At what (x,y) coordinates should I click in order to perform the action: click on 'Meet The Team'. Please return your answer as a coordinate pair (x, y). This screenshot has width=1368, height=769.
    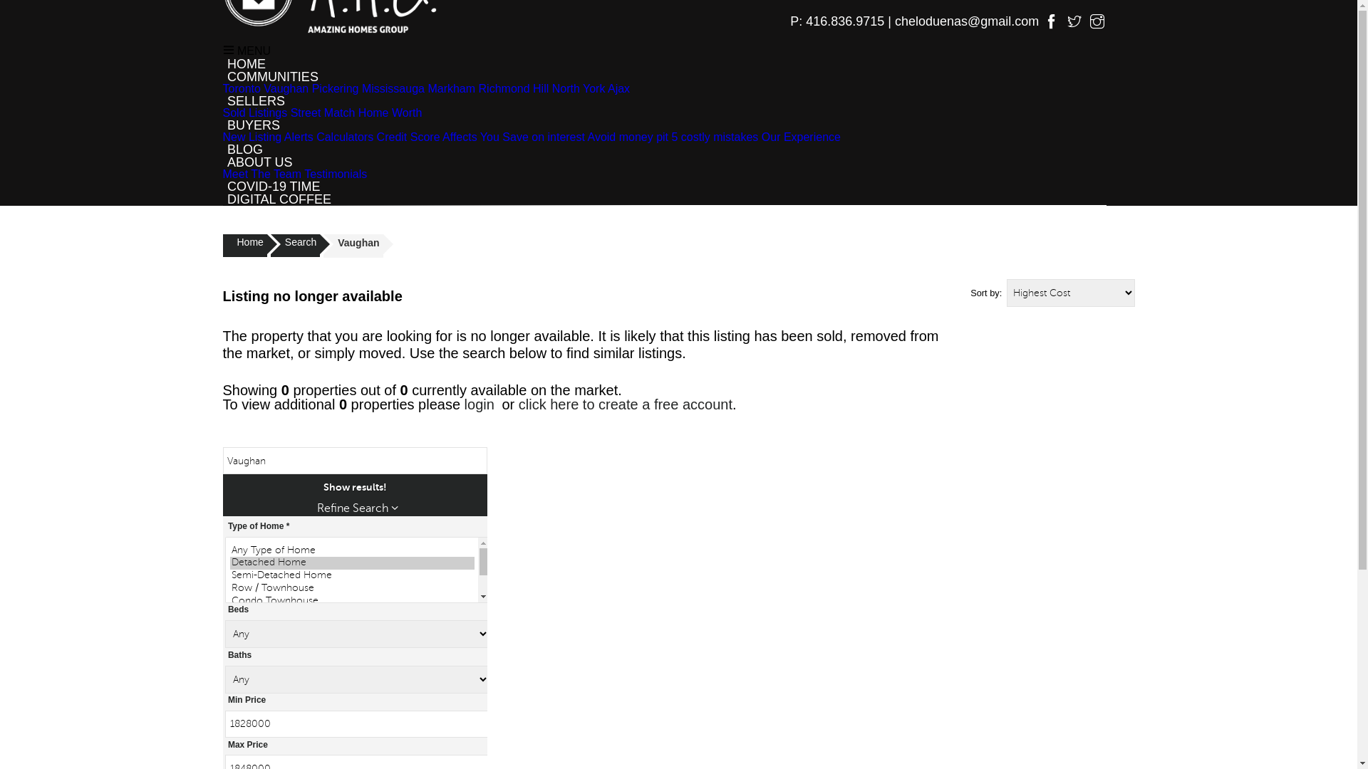
    Looking at the image, I should click on (261, 173).